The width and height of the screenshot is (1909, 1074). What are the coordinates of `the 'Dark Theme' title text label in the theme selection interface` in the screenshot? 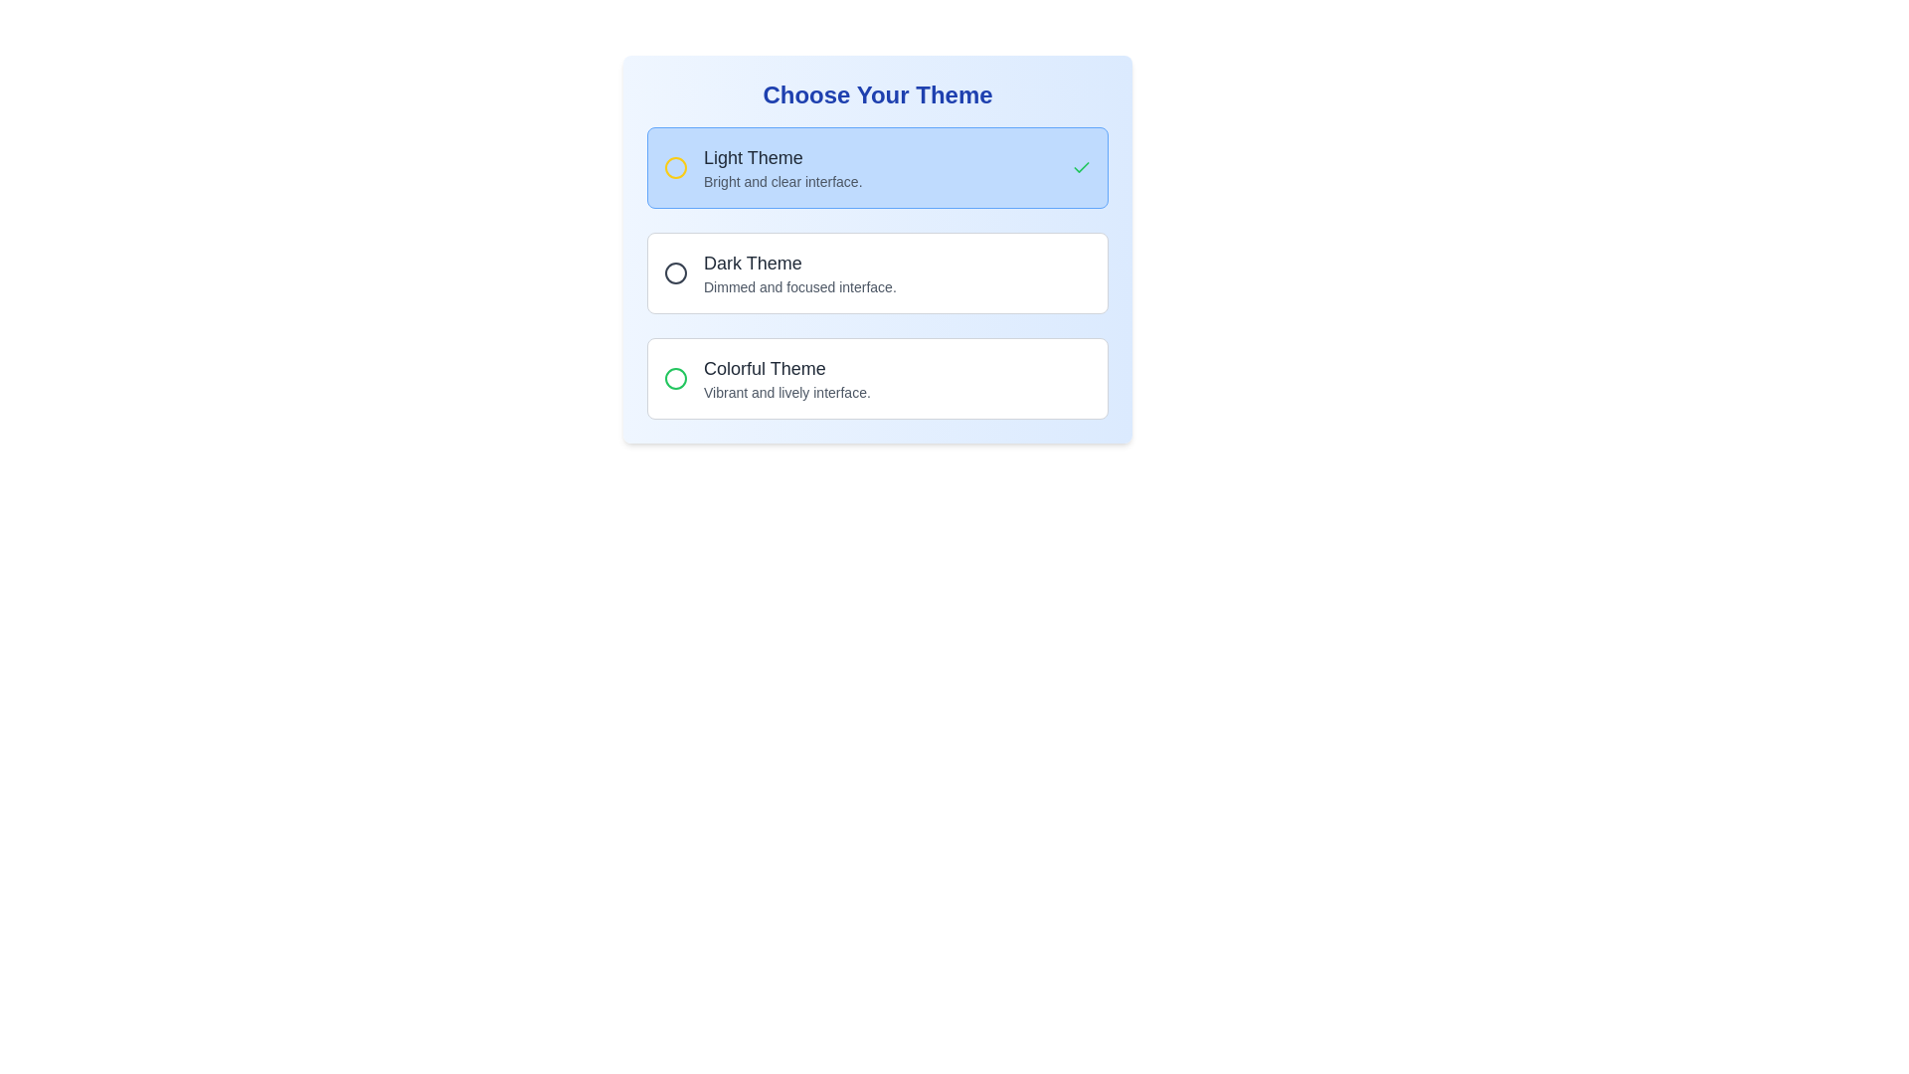 It's located at (799, 263).